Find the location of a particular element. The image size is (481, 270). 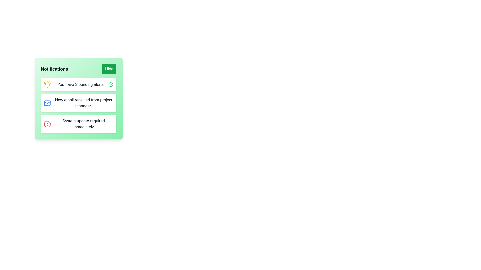

the static text element that displays 'You have 3 pending alerts.' within the notification card interface is located at coordinates (81, 84).